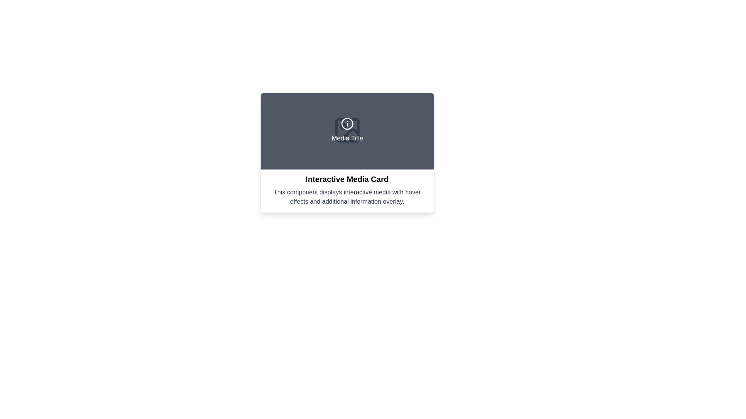 This screenshot has width=746, height=419. Describe the element at coordinates (347, 130) in the screenshot. I see `the small light gray rectangle with rounded edges that is part of the icon graphic located below the circular 'i' icon in the 'Media Title' card` at that location.